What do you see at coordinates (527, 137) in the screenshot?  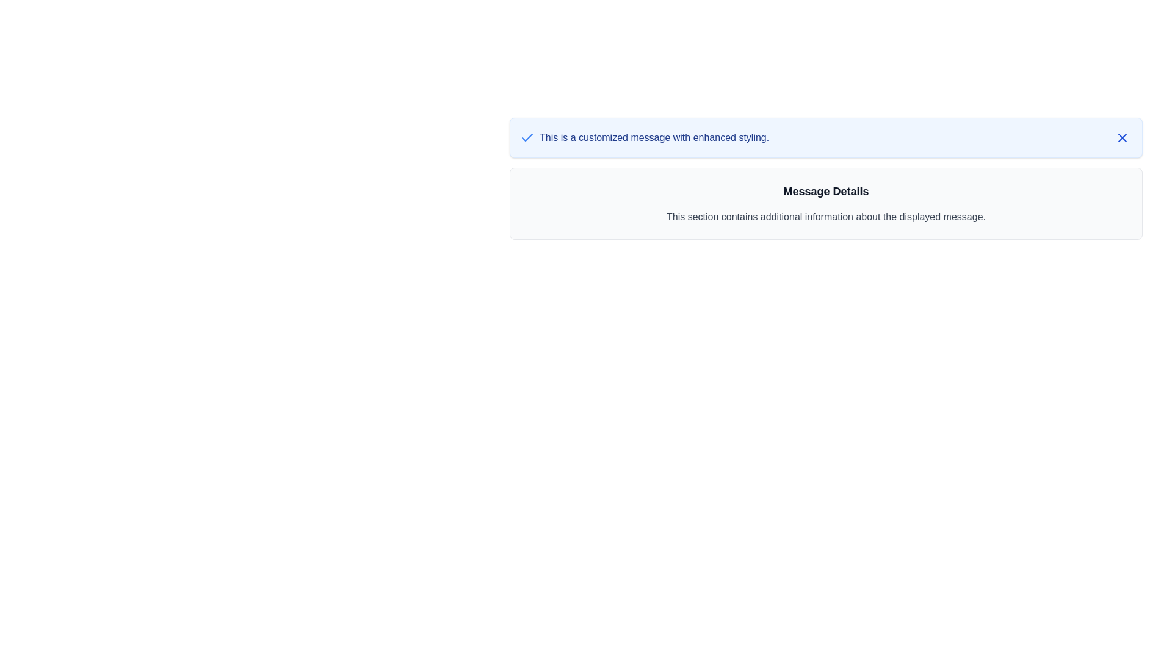 I see `the visual status indicated by the checkmark icon located to the left of the text 'This is a customized message with enhanced styling.'` at bounding box center [527, 137].